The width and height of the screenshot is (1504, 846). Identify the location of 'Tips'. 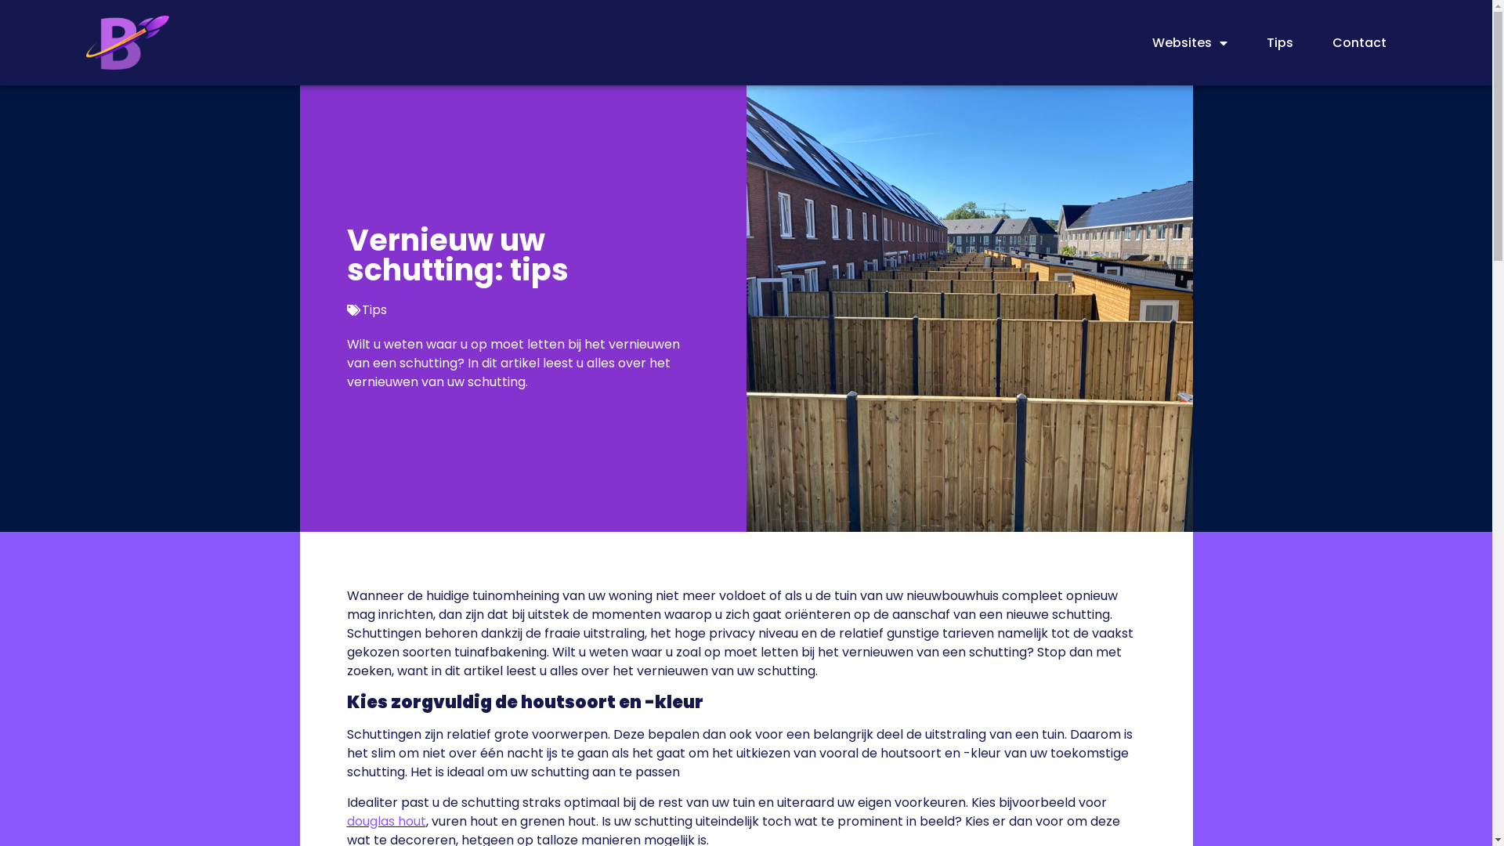
(374, 309).